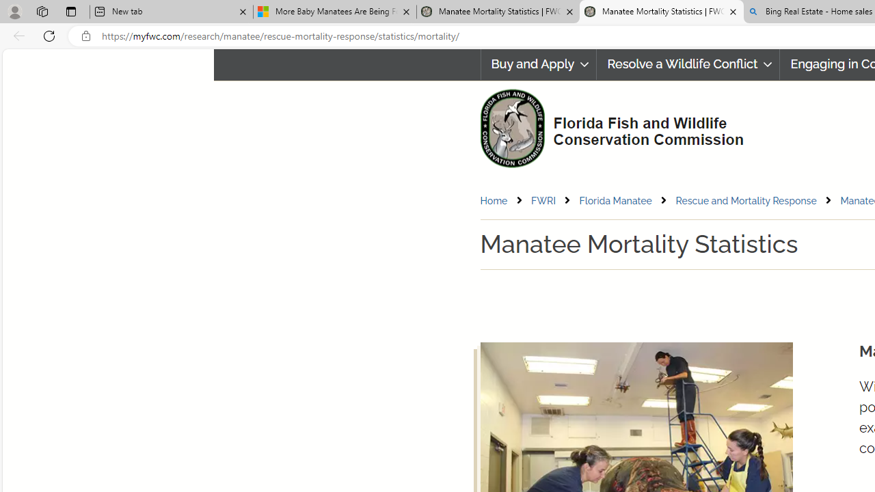  Describe the element at coordinates (688, 64) in the screenshot. I see `'Resolve a Wildlife Conflict'` at that location.